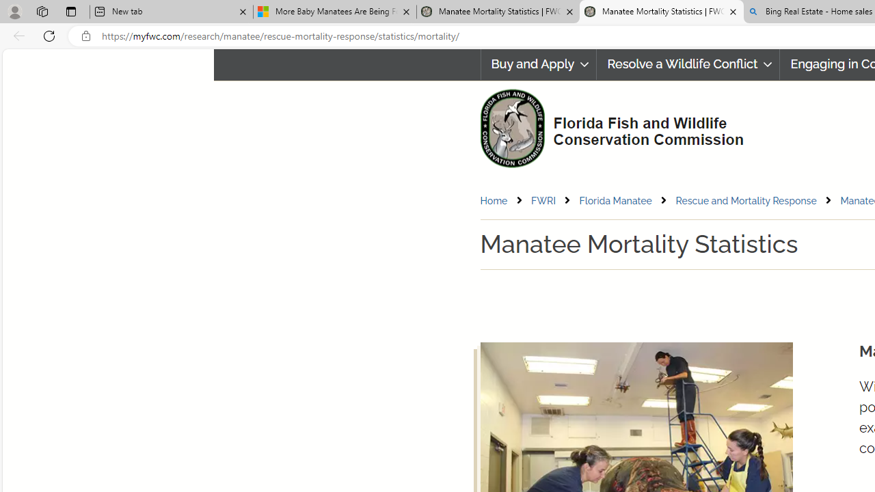  Describe the element at coordinates (688, 64) in the screenshot. I see `'Resolve a Wildlife Conflict'` at that location.